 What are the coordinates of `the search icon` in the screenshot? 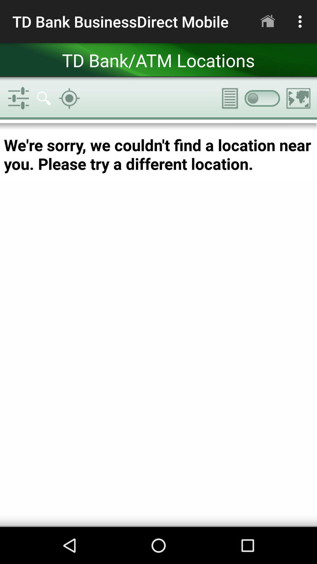 It's located at (43, 98).